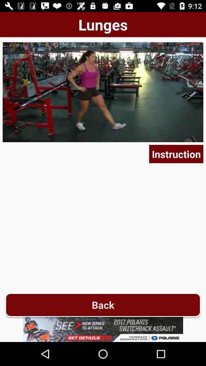 The width and height of the screenshot is (206, 366). Describe the element at coordinates (103, 329) in the screenshot. I see `advertisement link` at that location.